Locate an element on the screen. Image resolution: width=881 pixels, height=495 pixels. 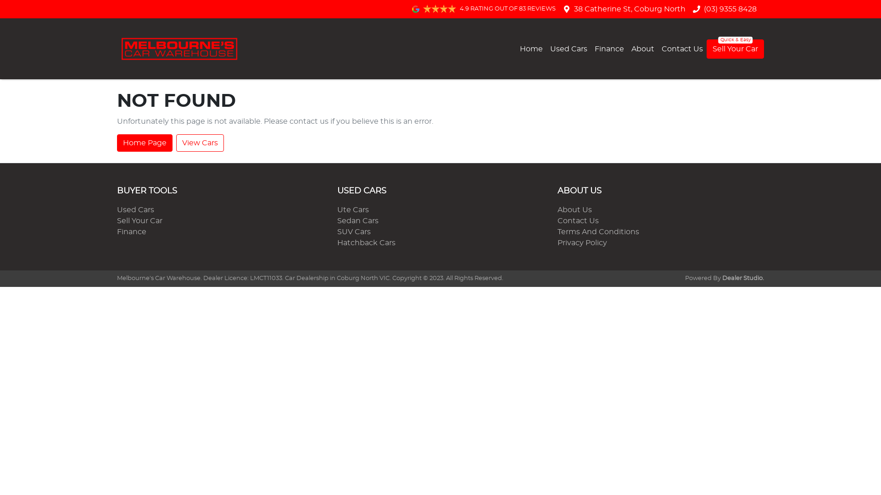
'Finance' is located at coordinates (116, 231).